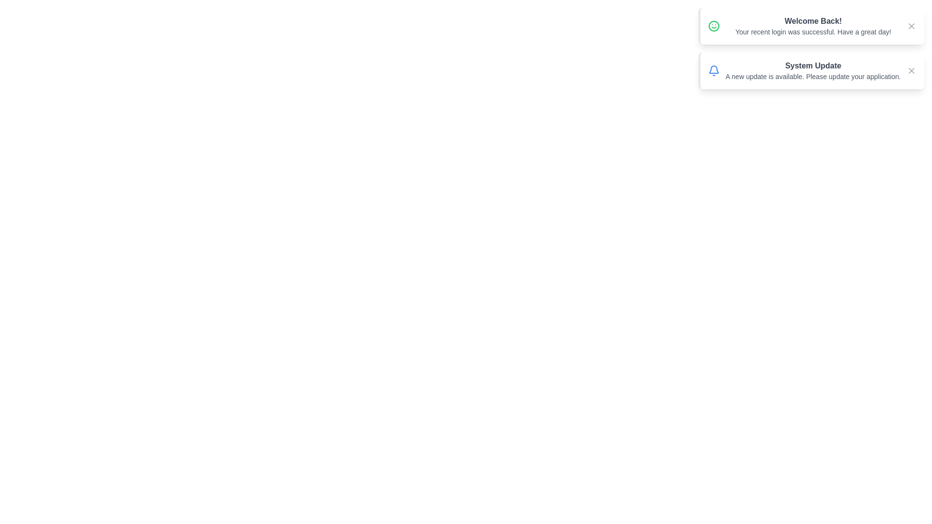  What do you see at coordinates (811, 70) in the screenshot?
I see `the notification with title 'System Update'` at bounding box center [811, 70].